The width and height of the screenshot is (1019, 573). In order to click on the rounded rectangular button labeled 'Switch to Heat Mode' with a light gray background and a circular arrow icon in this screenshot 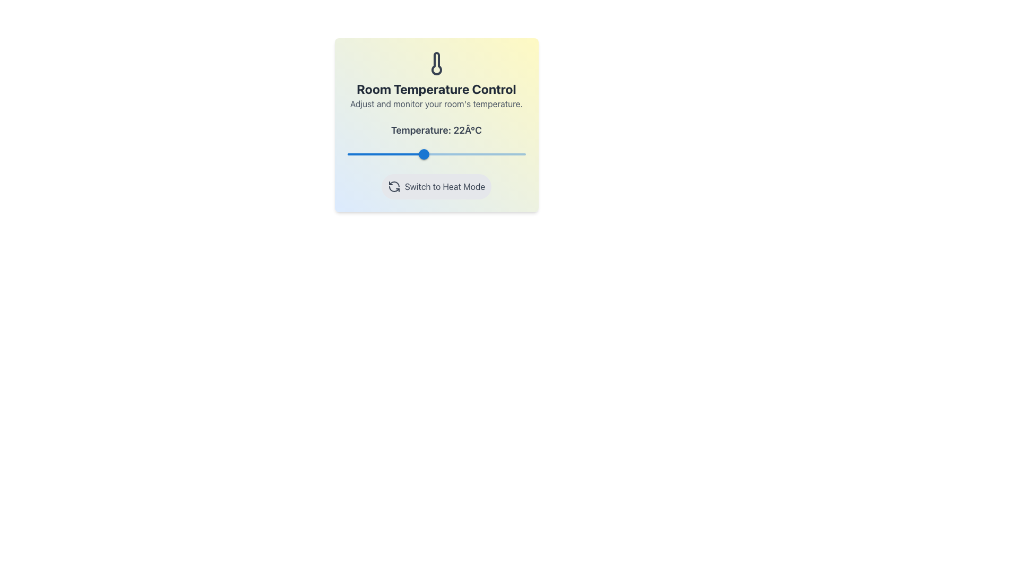, I will do `click(436, 186)`.